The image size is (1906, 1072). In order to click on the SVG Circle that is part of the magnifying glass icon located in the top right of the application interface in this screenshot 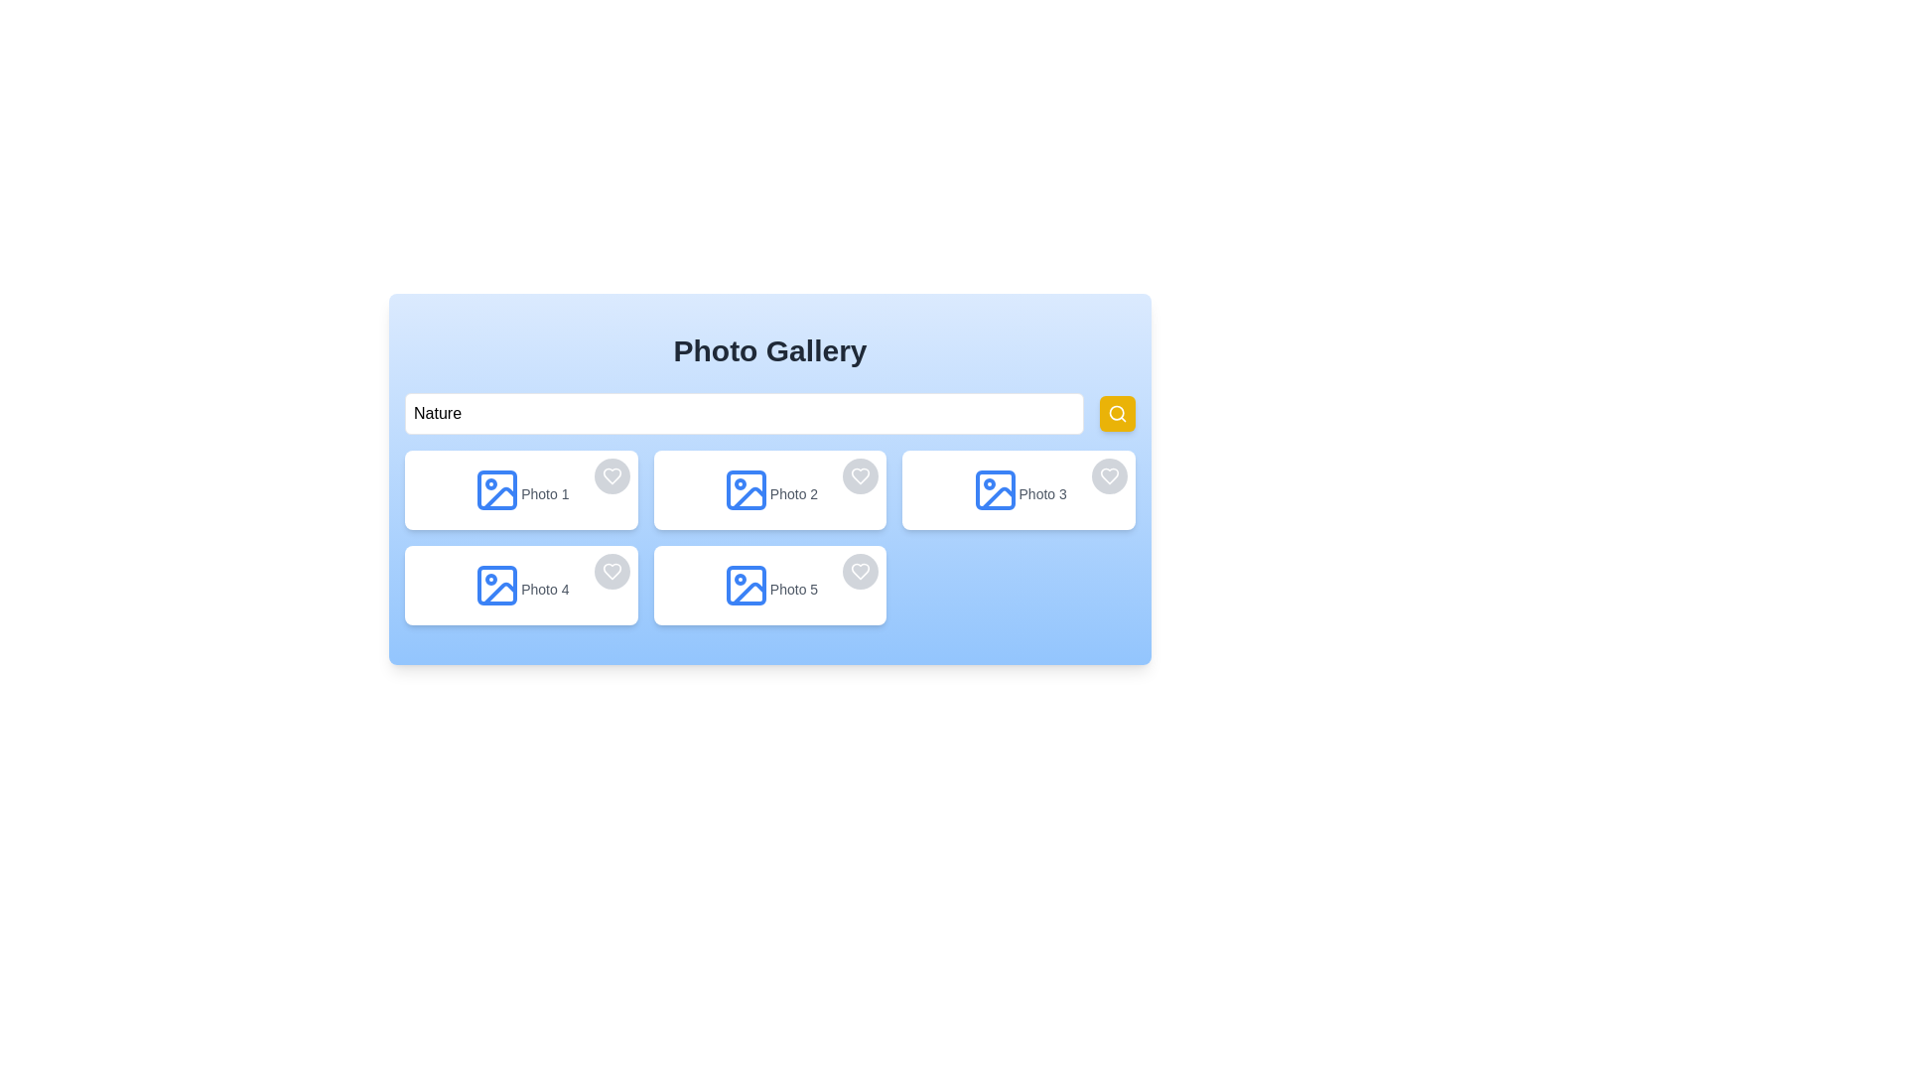, I will do `click(1117, 412)`.